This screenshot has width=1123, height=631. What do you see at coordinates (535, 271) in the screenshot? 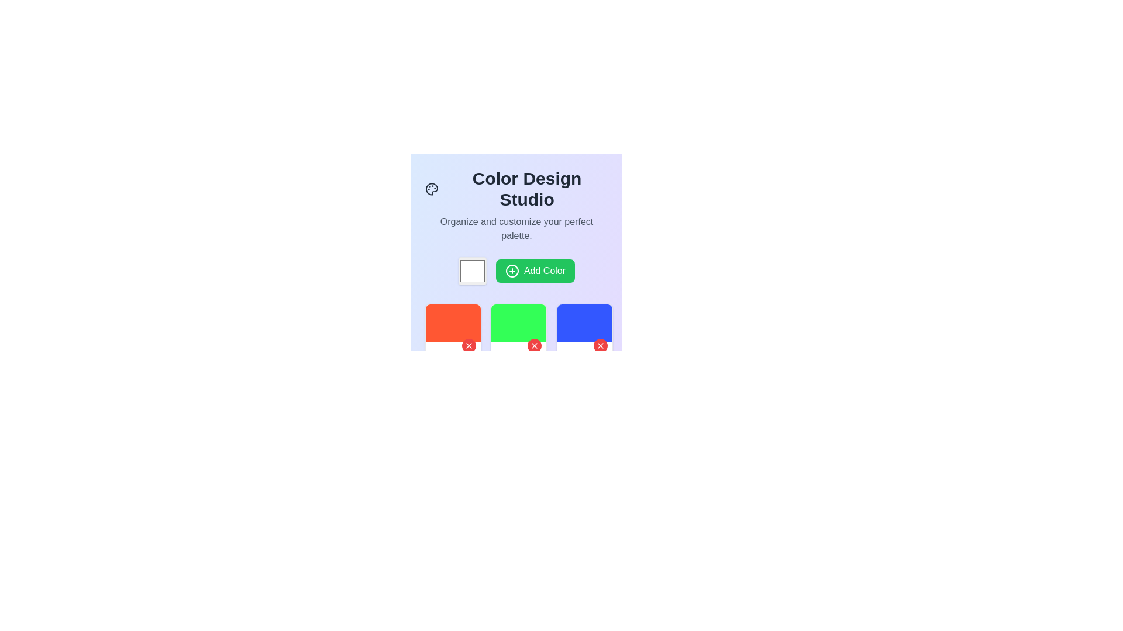
I see `the button that allows users to add a new color to a palette, located centrally under the 'Color Design Studio' heading` at bounding box center [535, 271].